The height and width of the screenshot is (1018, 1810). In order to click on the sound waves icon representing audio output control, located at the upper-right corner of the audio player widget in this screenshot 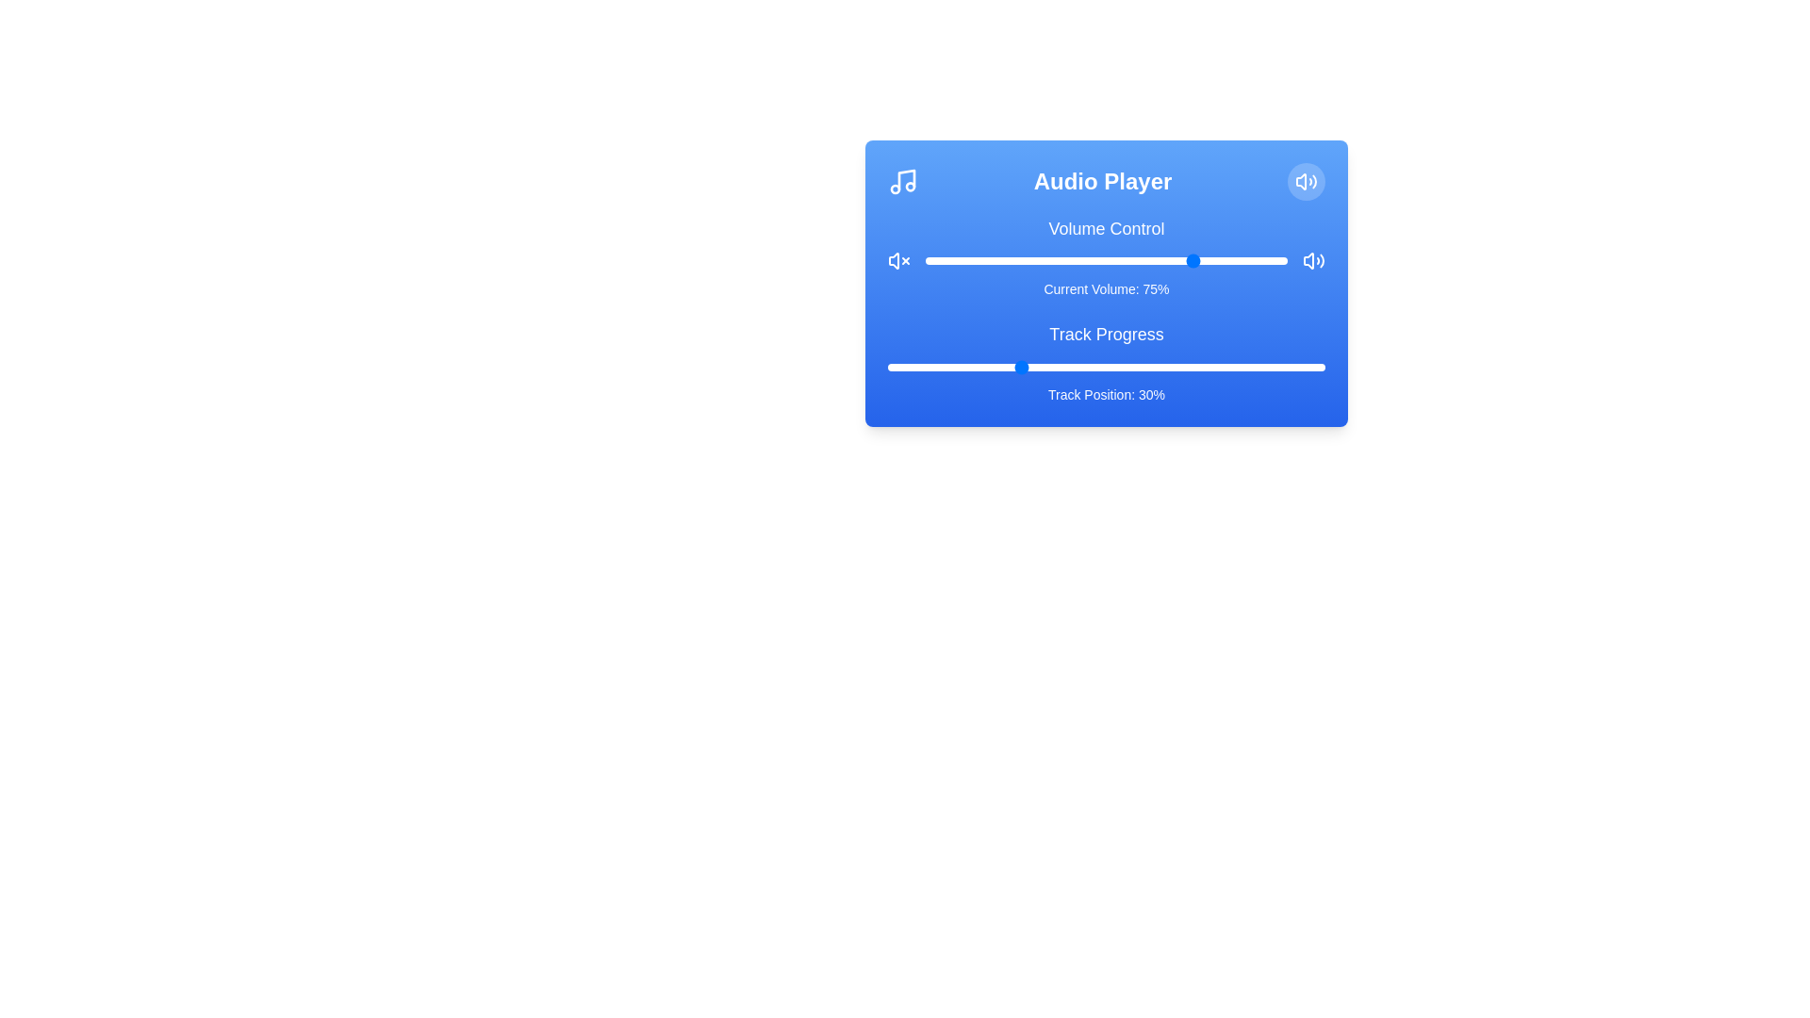, I will do `click(1321, 261)`.